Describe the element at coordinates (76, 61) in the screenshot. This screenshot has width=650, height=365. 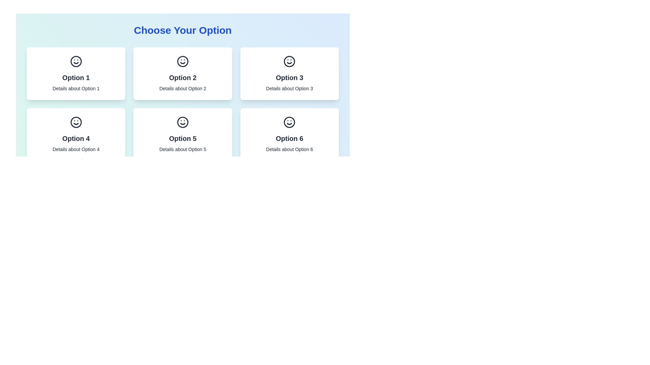
I see `the circular smiley face icon with black outlines in the top-left card labeled 'Option 1'` at that location.